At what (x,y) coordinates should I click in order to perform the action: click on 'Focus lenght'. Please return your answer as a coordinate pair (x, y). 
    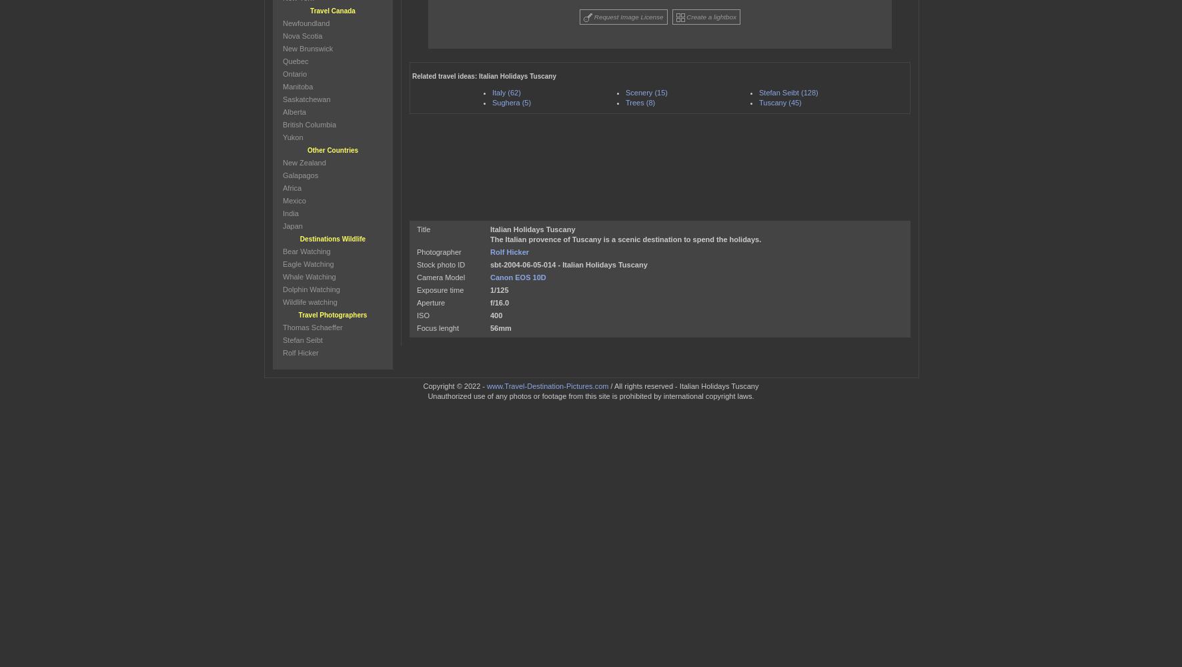
    Looking at the image, I should click on (437, 327).